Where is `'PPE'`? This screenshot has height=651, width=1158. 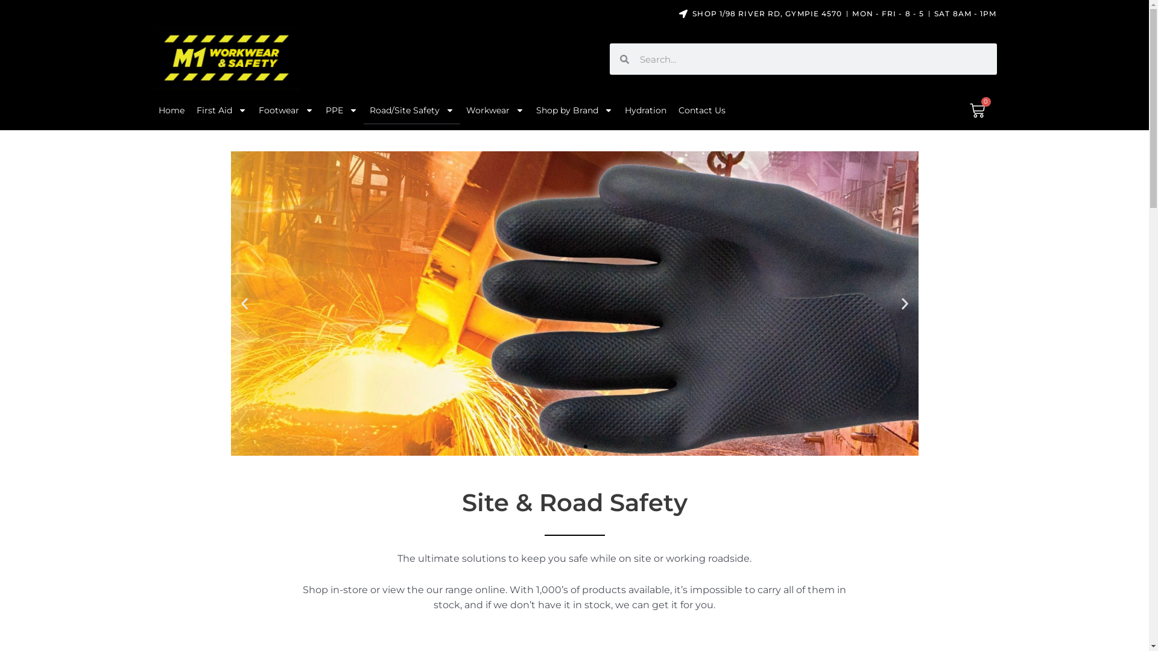
'PPE' is located at coordinates (341, 110).